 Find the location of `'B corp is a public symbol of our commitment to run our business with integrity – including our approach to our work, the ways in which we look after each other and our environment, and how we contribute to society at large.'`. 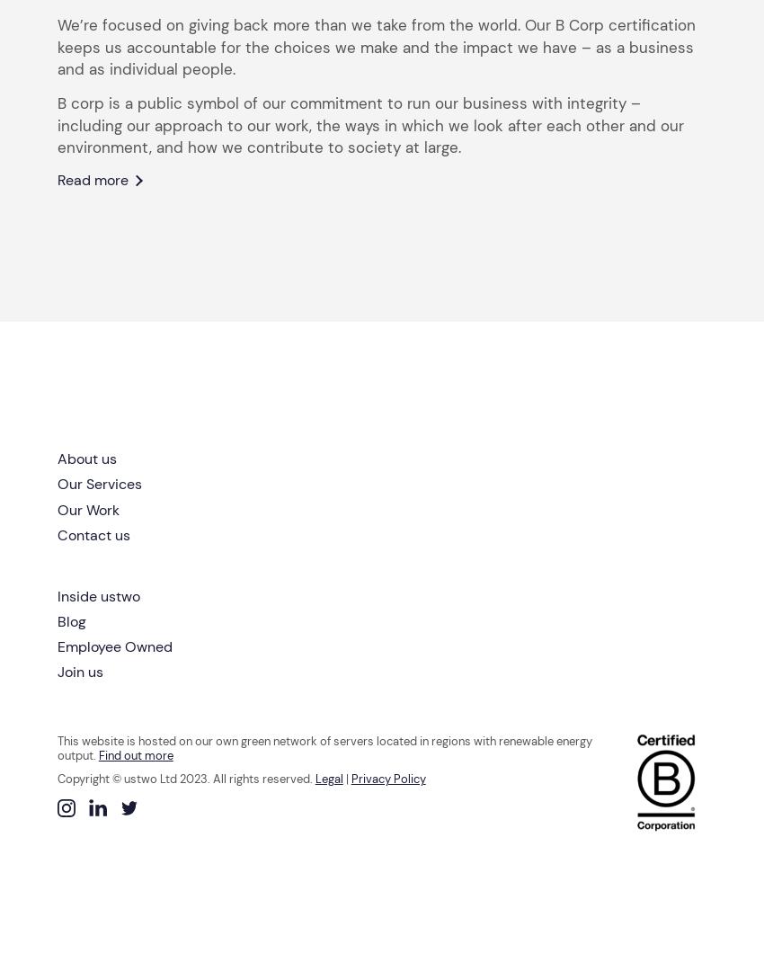

'B corp is a public symbol of our commitment to run our business with integrity – including our approach to our work, the ways in which we look after each other and our environment, and how we contribute to society at large.' is located at coordinates (369, 125).